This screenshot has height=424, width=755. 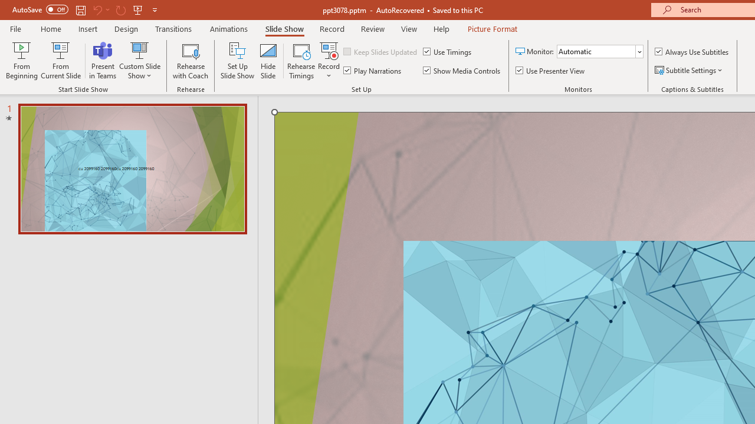 I want to click on 'Set Up Slide Show...', so click(x=237, y=61).